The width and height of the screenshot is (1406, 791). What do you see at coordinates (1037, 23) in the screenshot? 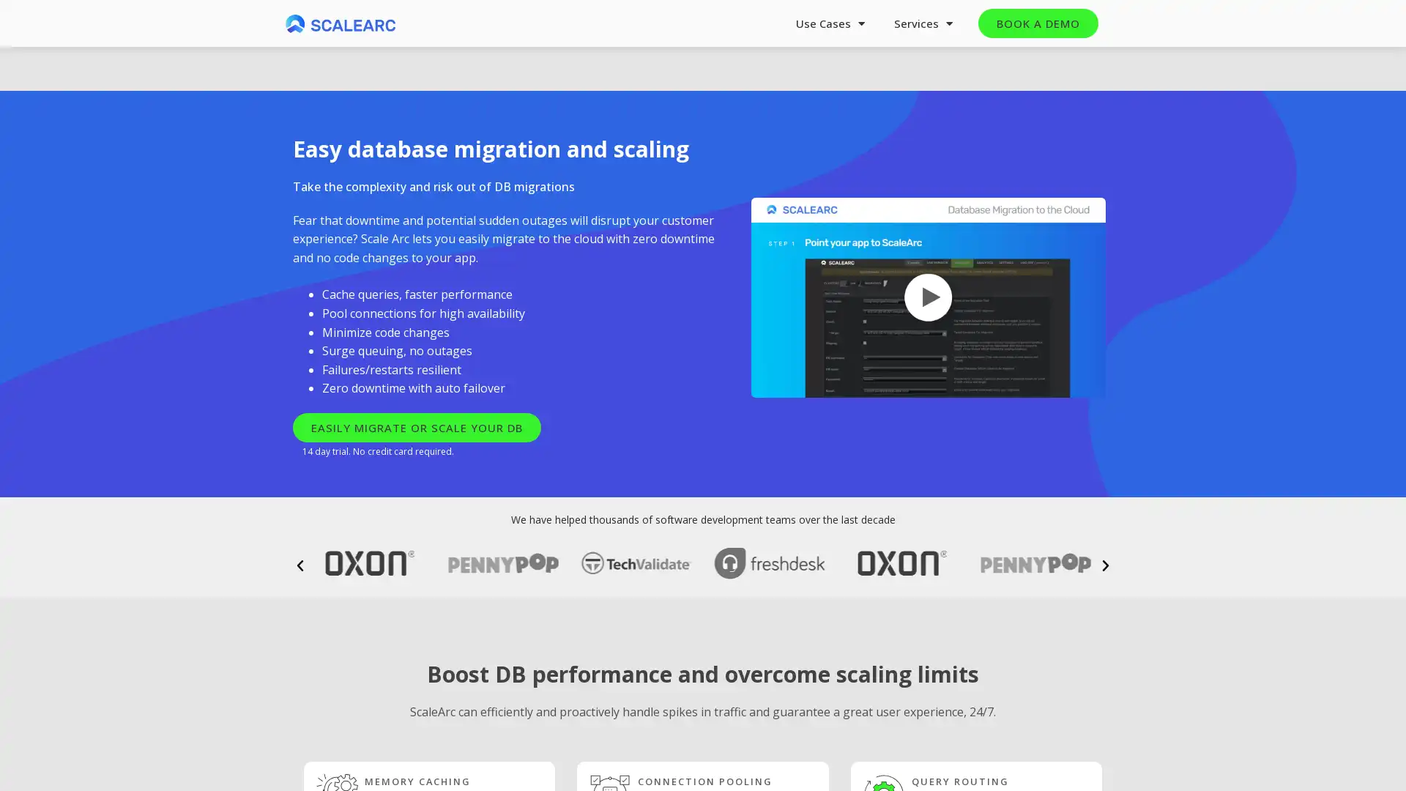
I see `BOOK A DEMO` at bounding box center [1037, 23].